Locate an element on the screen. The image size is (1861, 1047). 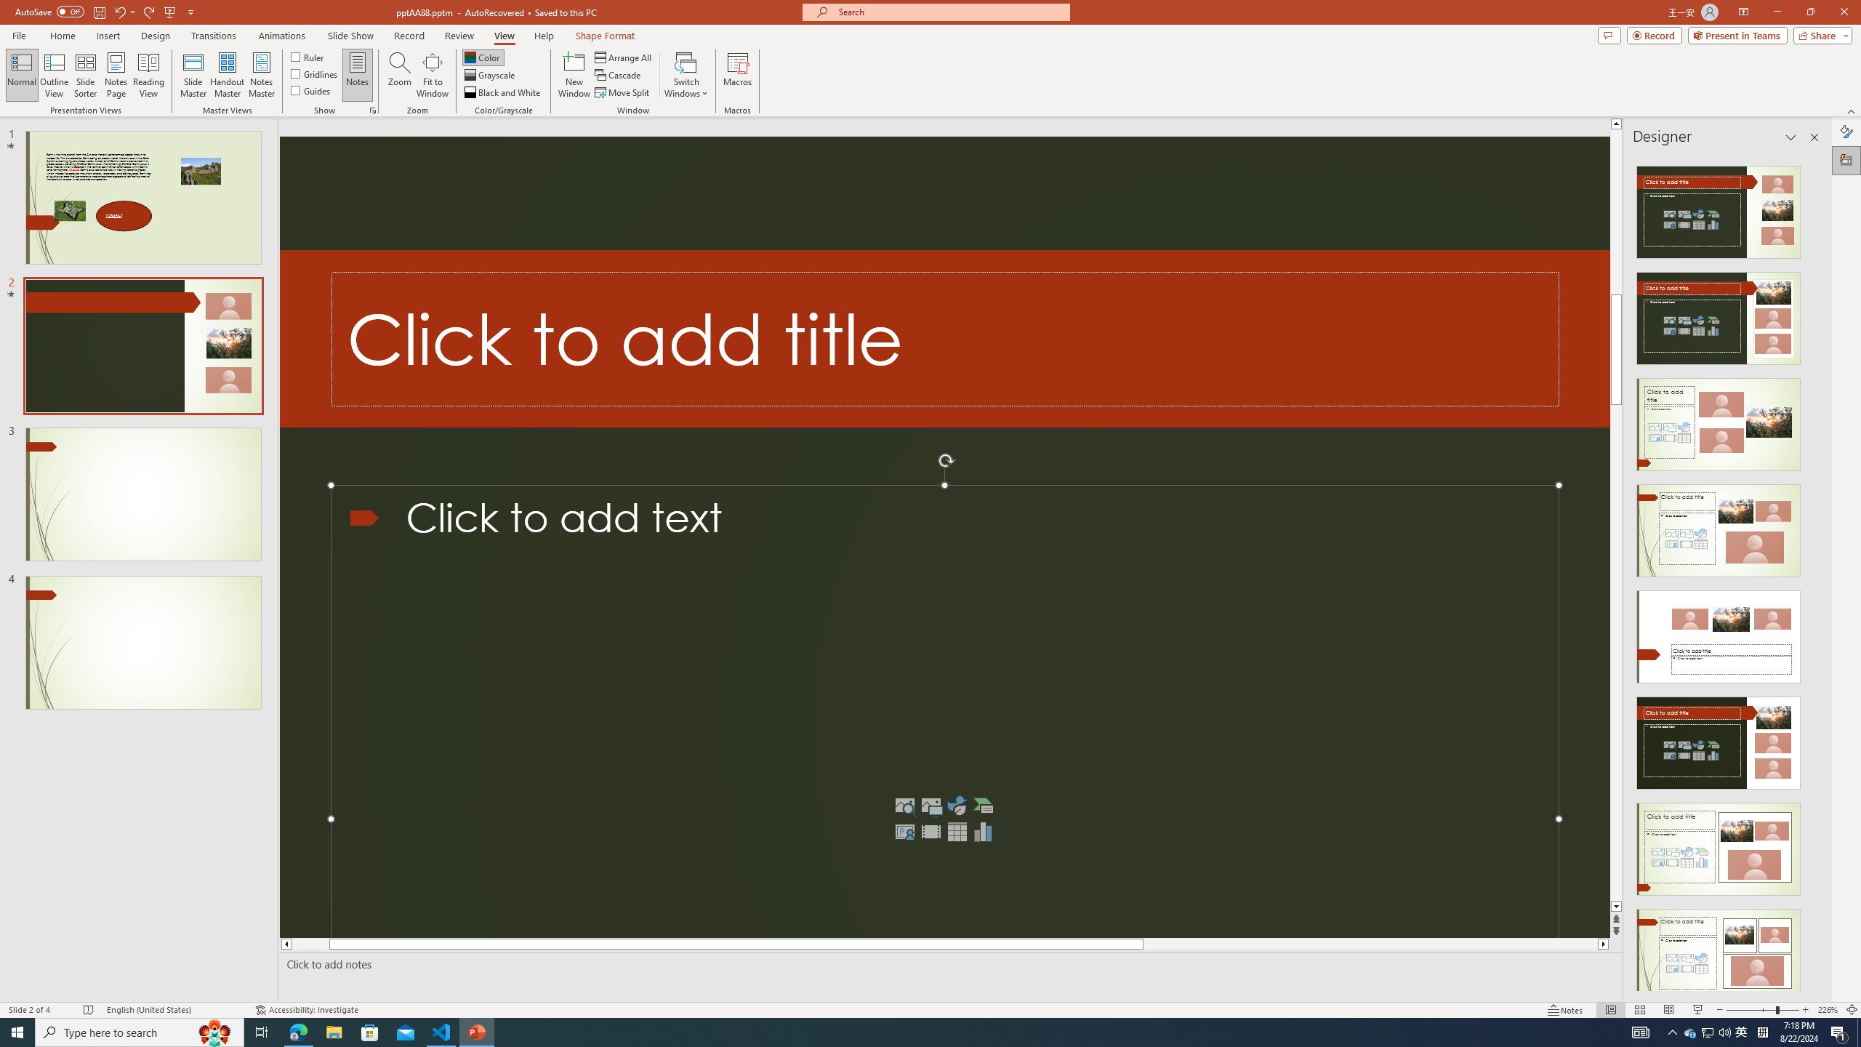
'Slide Notes' is located at coordinates (948, 963).